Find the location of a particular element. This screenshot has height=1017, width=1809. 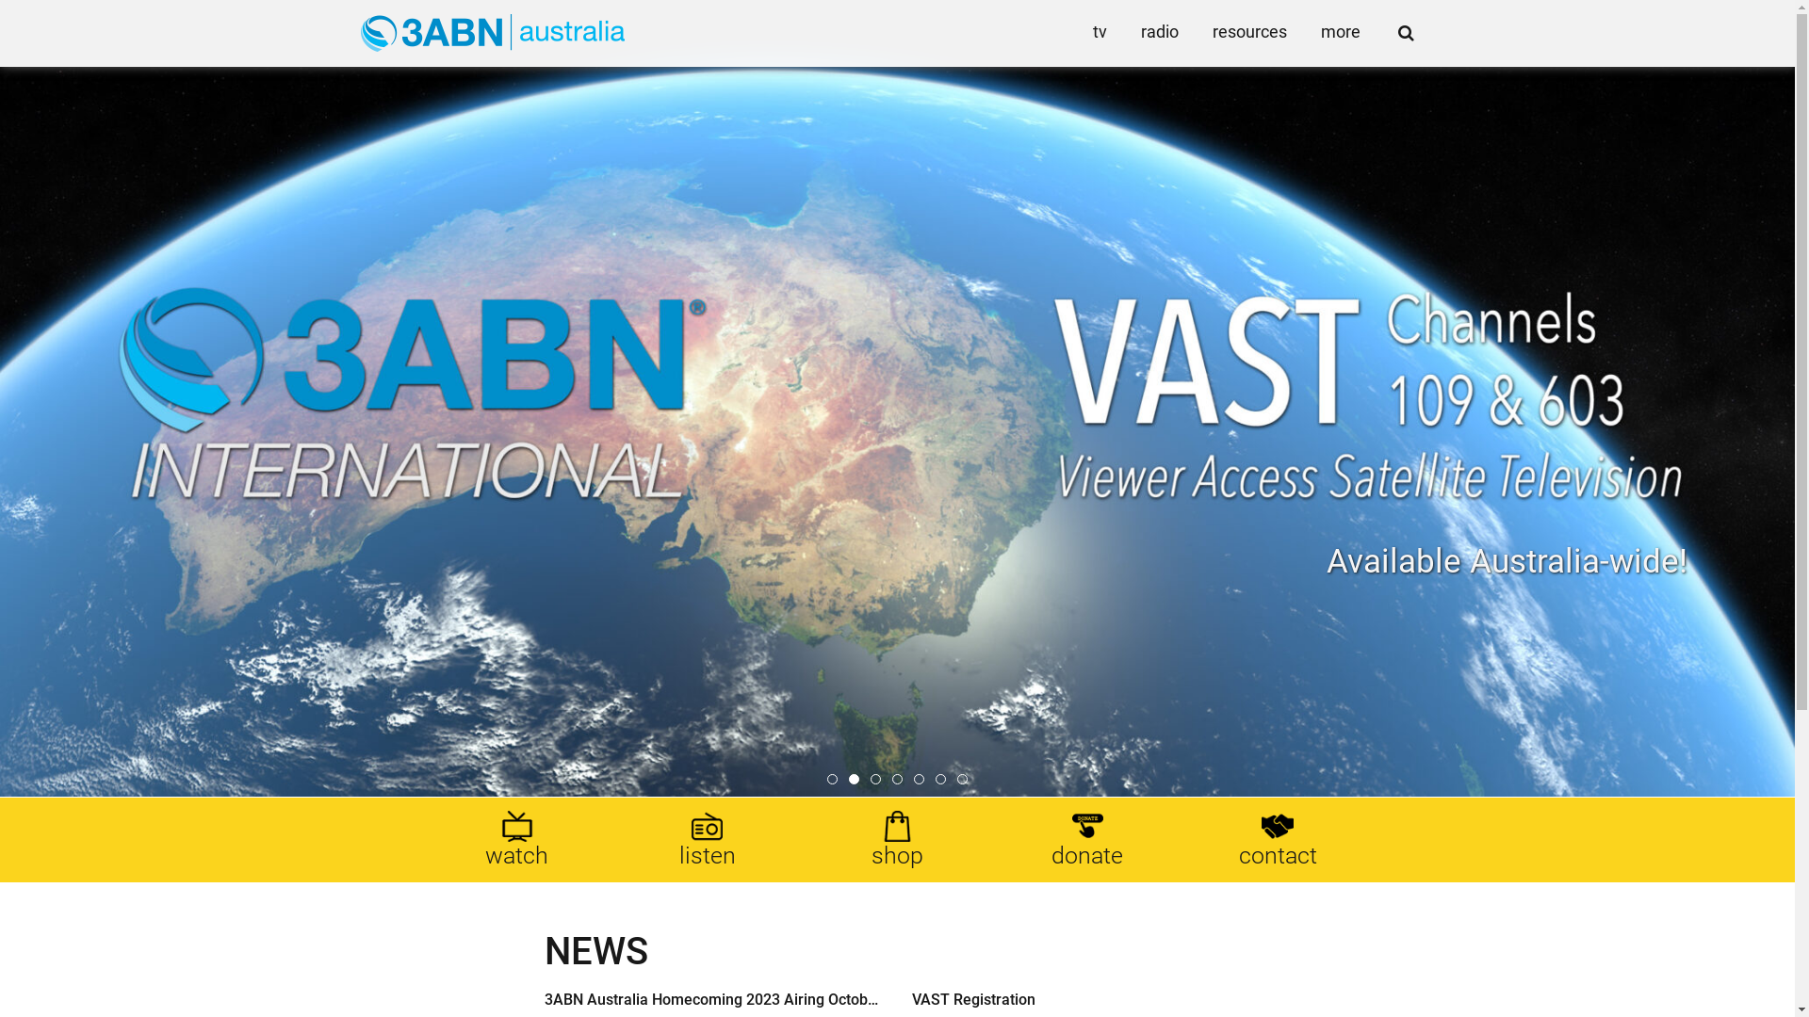

'1' is located at coordinates (827, 779).